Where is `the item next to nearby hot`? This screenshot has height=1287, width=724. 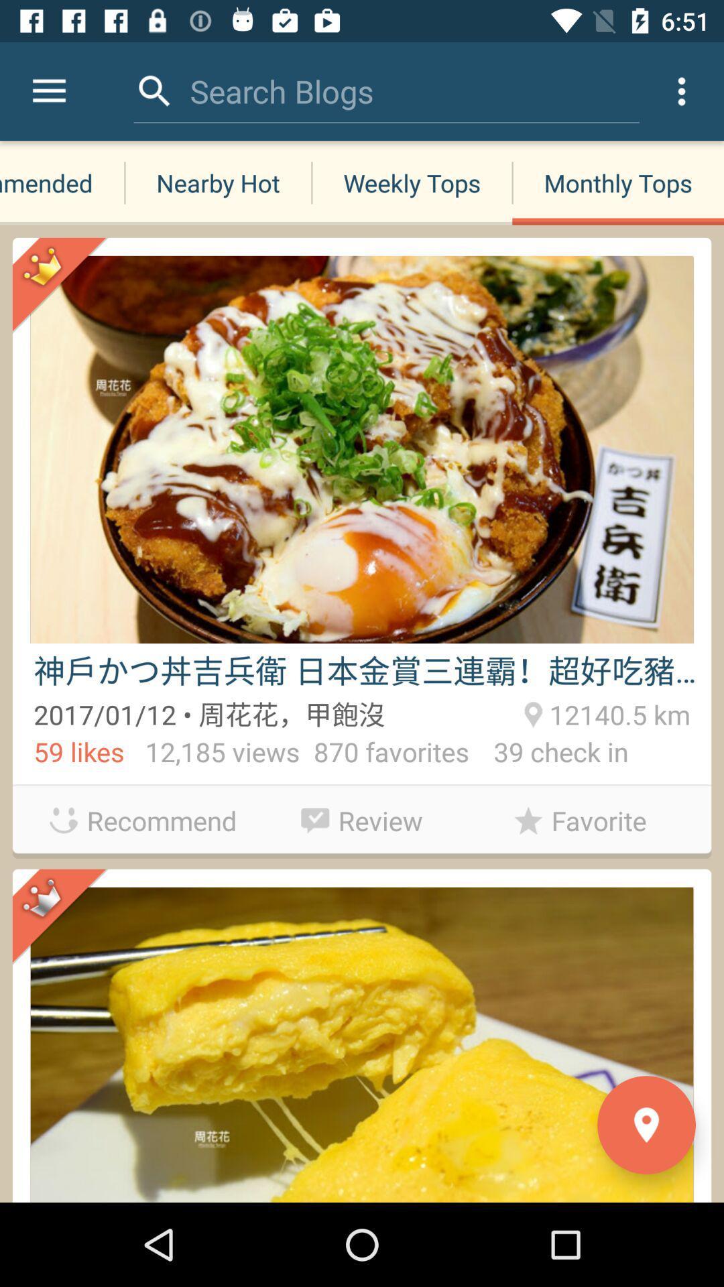
the item next to nearby hot is located at coordinates (62, 182).